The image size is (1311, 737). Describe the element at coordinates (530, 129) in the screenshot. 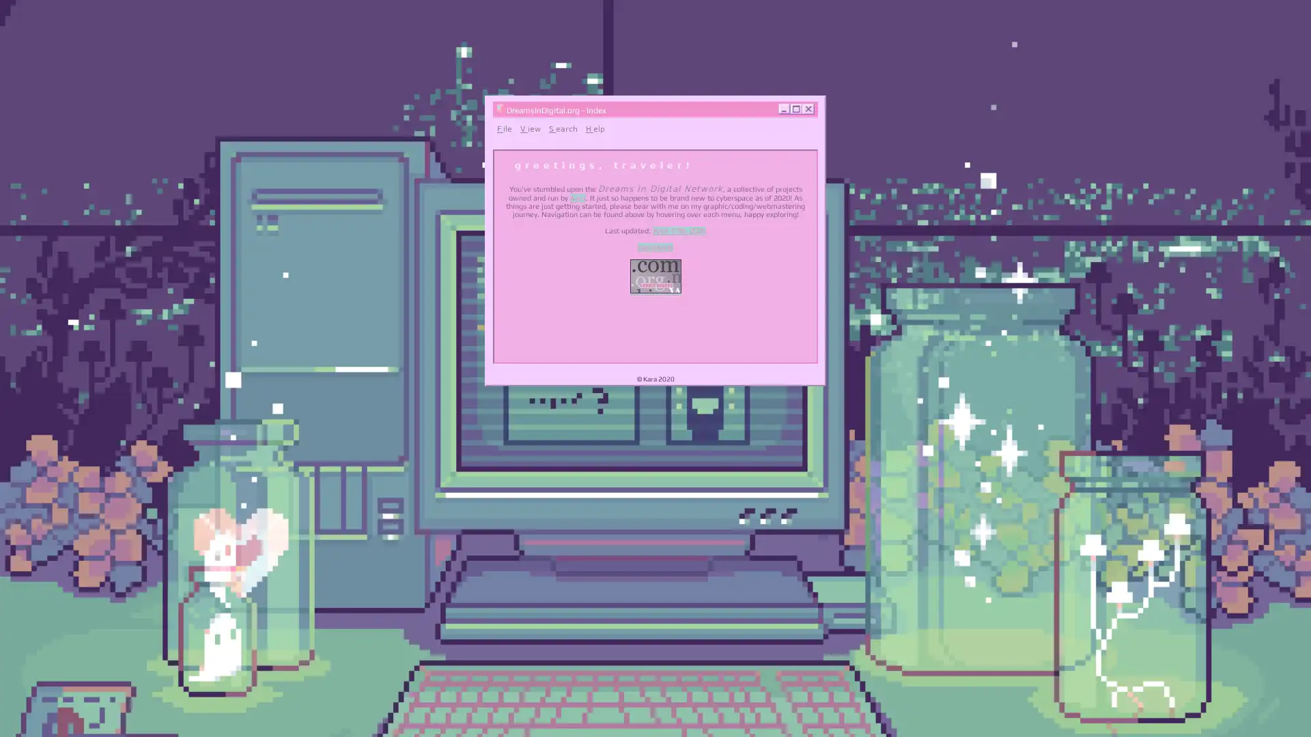

I see `View` at that location.